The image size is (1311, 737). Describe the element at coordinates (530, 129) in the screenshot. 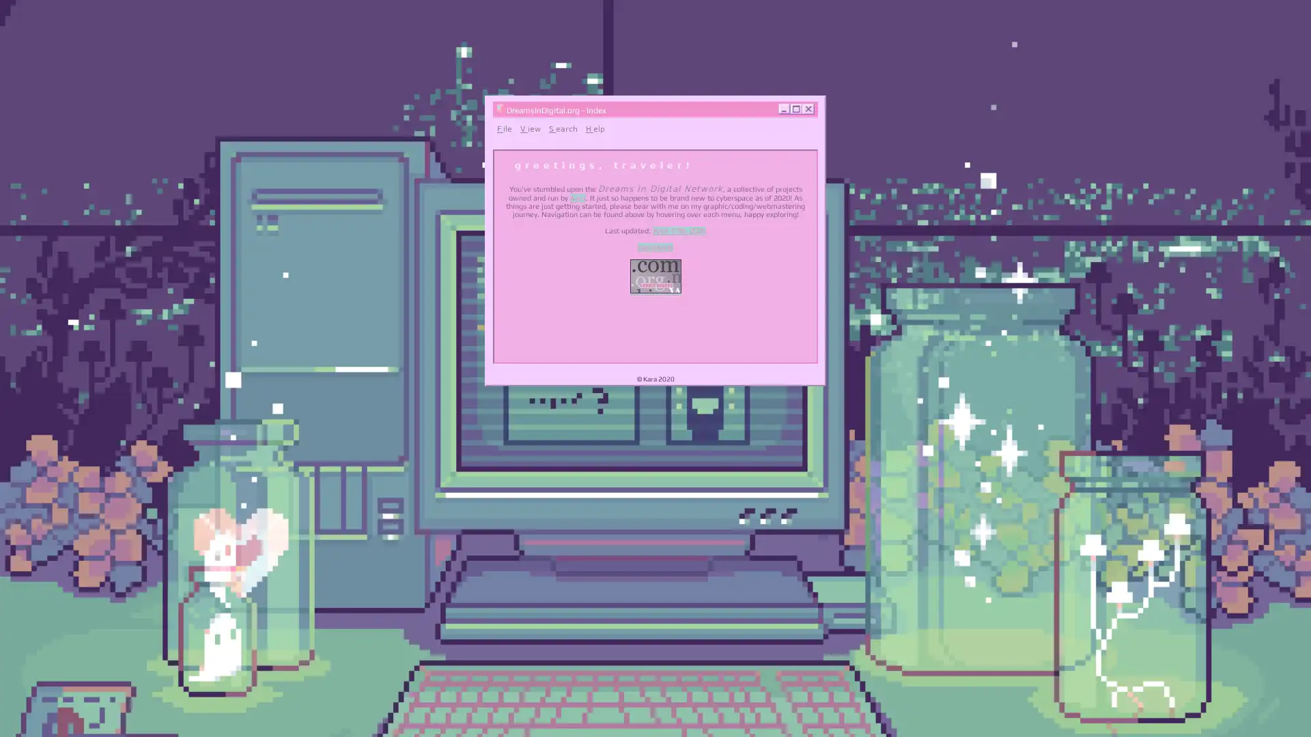

I see `View` at that location.